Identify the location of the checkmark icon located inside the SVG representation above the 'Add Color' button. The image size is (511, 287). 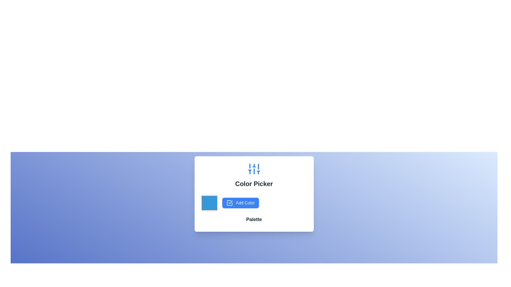
(230, 202).